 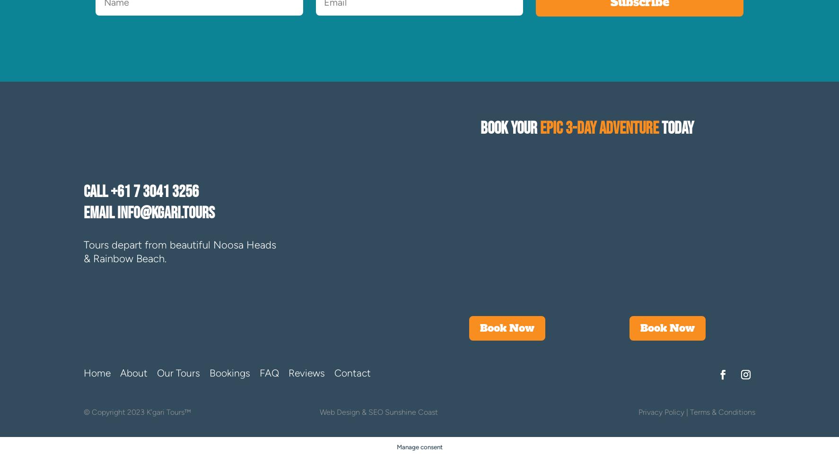 I want to click on '© Copyright 2023 K’gari Tours™', so click(x=137, y=411).